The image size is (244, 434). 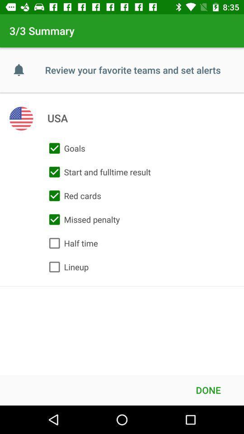 What do you see at coordinates (72, 196) in the screenshot?
I see `icon above the missed penalty item` at bounding box center [72, 196].